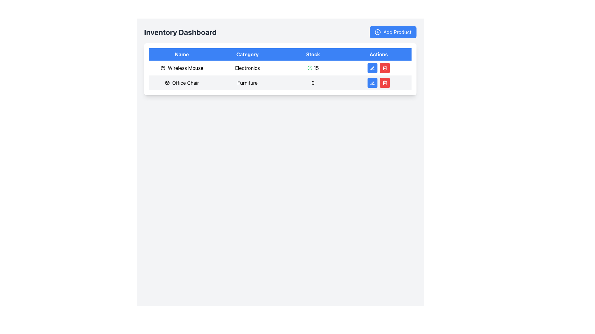  I want to click on the 'Office Chair' text and icon combination located, so click(181, 82).